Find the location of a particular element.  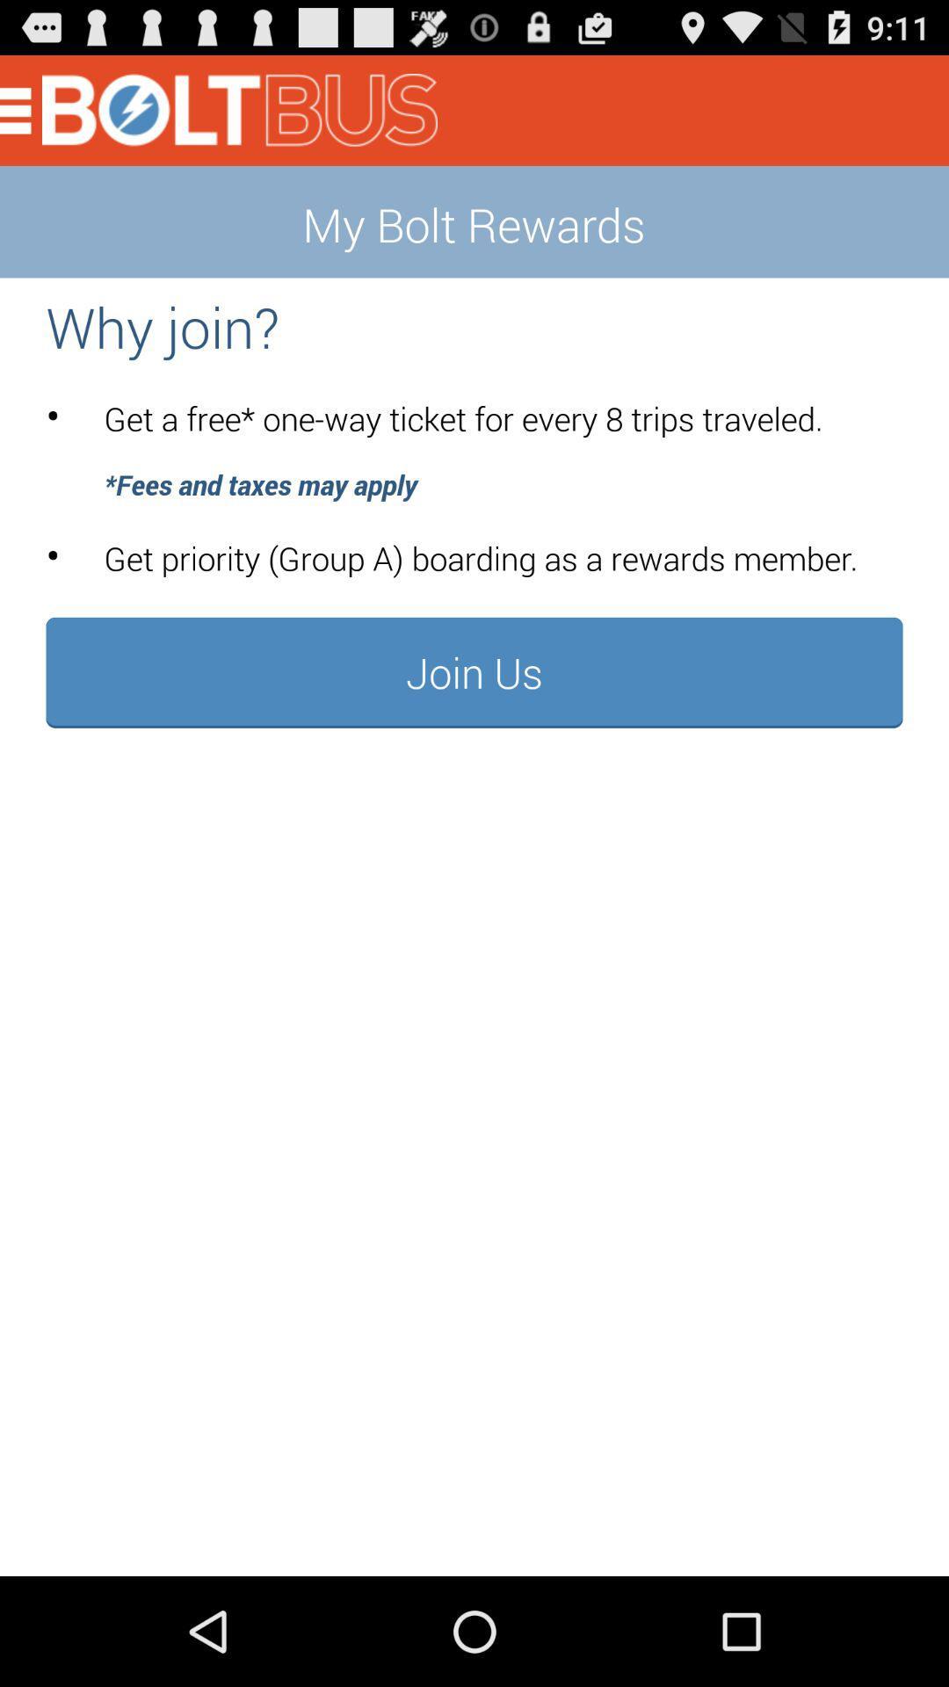

button at the center is located at coordinates (474, 671).